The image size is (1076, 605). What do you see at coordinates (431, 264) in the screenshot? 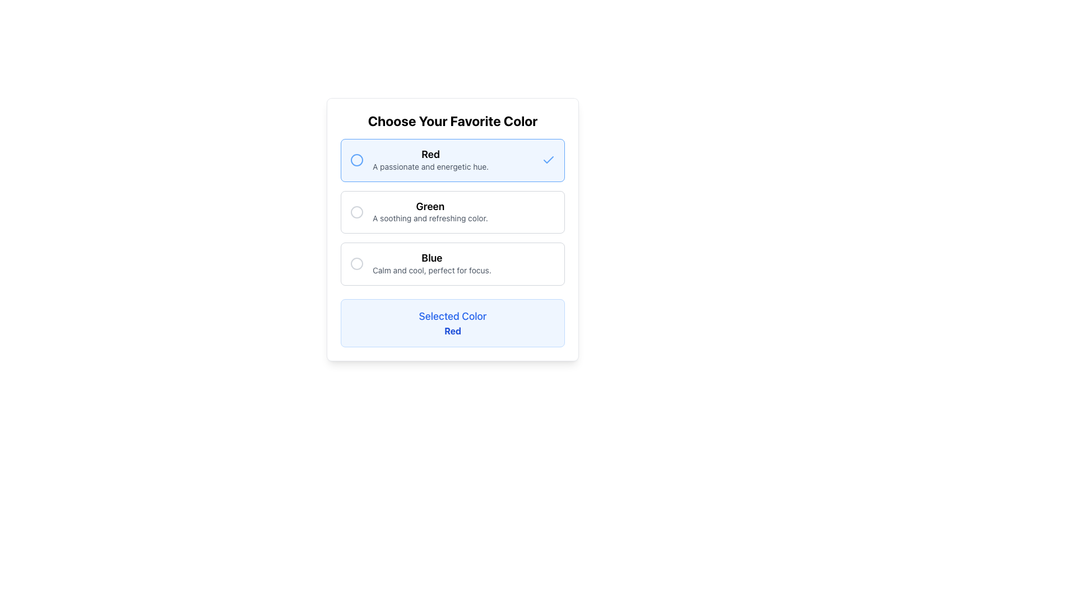
I see `the text block describing the option 'Blue' in the color selection interface, which is centrally located within the card layout and is the third item in the list of options` at bounding box center [431, 264].